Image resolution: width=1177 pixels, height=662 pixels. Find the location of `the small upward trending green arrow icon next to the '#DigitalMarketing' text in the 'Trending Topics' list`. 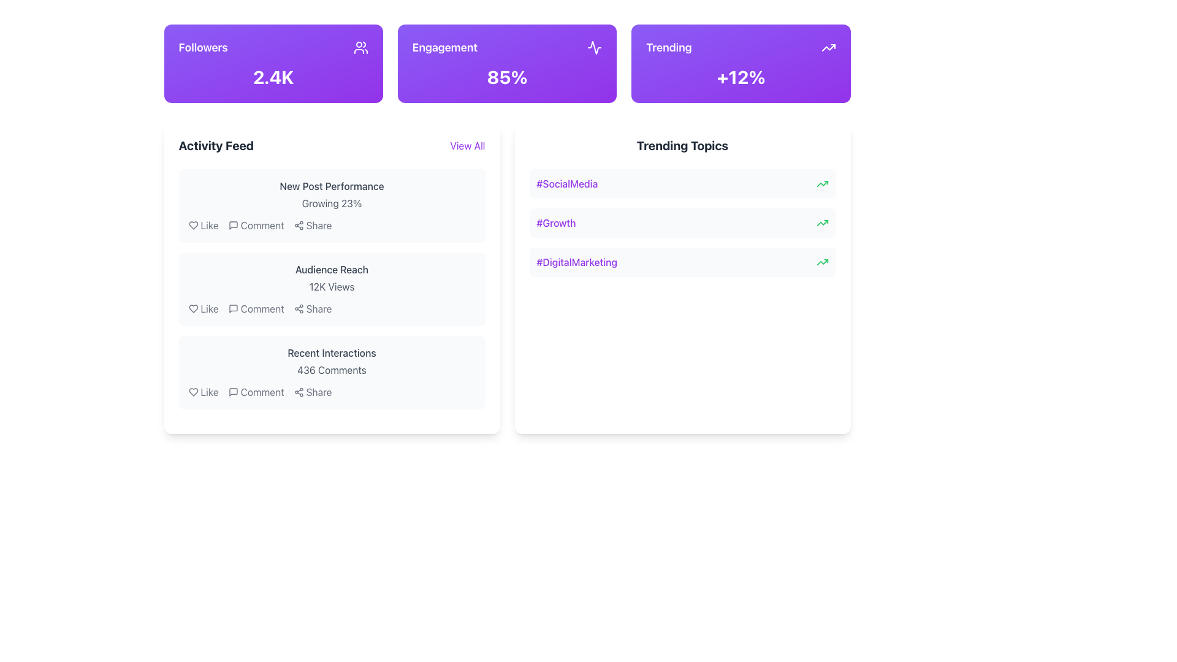

the small upward trending green arrow icon next to the '#DigitalMarketing' text in the 'Trending Topics' list is located at coordinates (822, 262).